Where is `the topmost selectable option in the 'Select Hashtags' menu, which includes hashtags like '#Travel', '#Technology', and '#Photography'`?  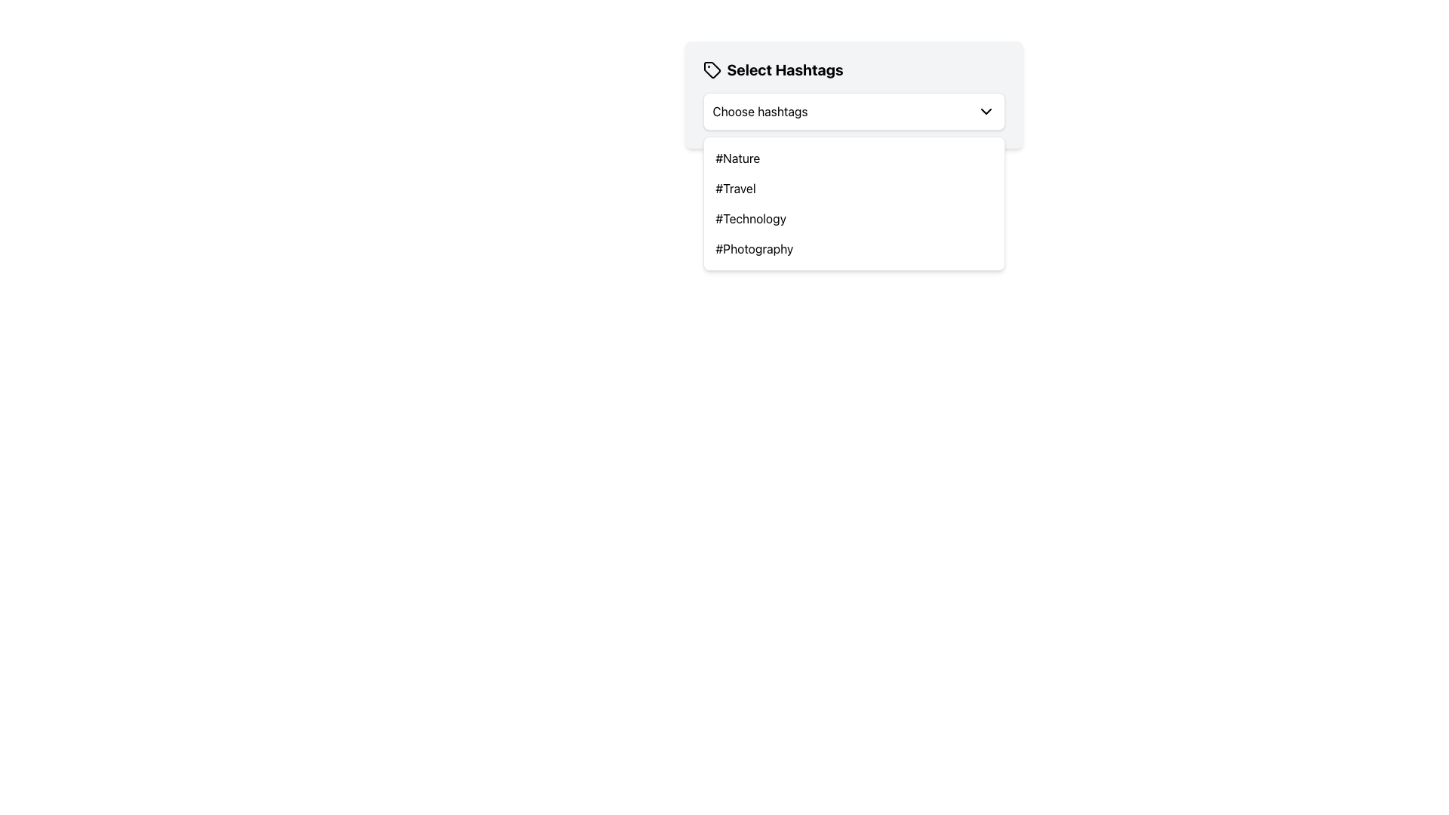 the topmost selectable option in the 'Select Hashtags' menu, which includes hashtags like '#Travel', '#Technology', and '#Photography' is located at coordinates (854, 158).